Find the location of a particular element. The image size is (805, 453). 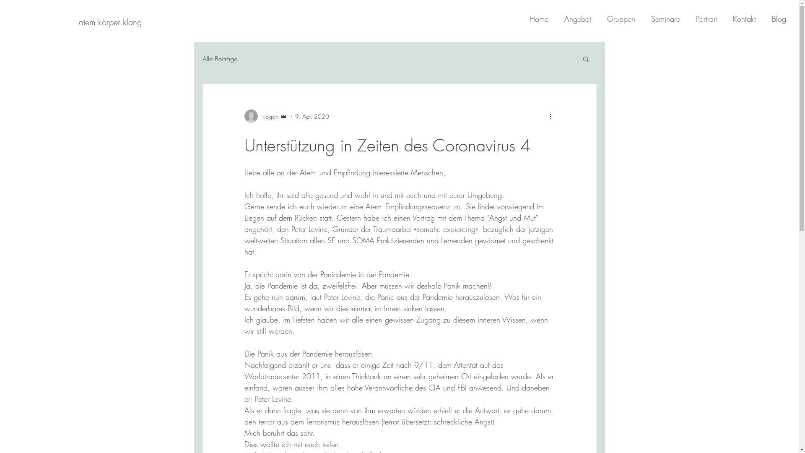

'Kontakt' is located at coordinates (720, 19).